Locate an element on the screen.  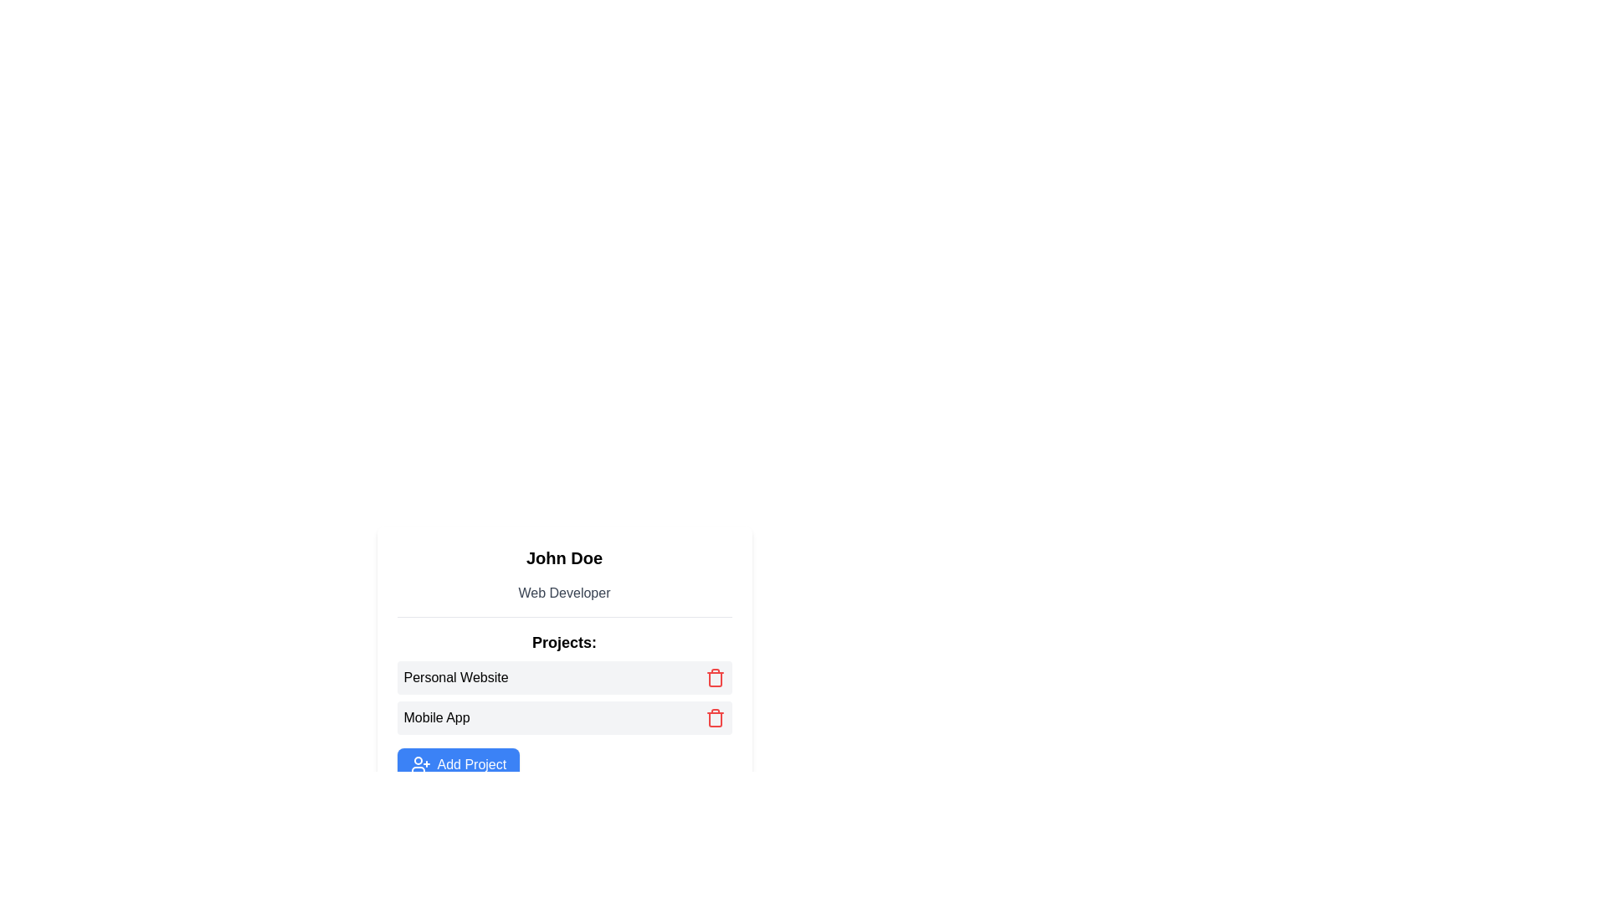
the second clickable list item labeled 'Mobile App' in the user's project list is located at coordinates (564, 717).